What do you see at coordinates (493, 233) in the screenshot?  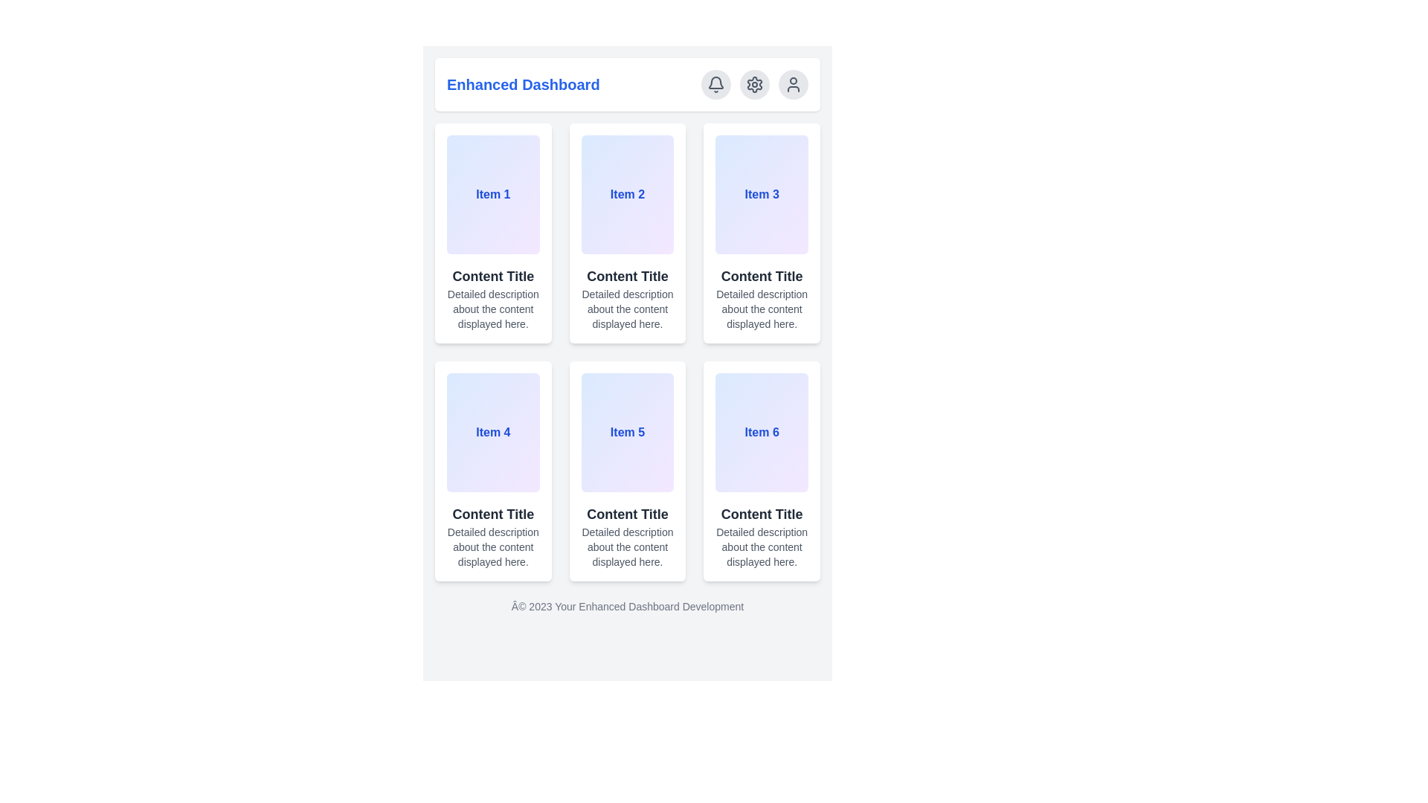 I see `the first card in the grid layout under the title 'Enhanced Dashboard', which provides an overview of a specific item` at bounding box center [493, 233].